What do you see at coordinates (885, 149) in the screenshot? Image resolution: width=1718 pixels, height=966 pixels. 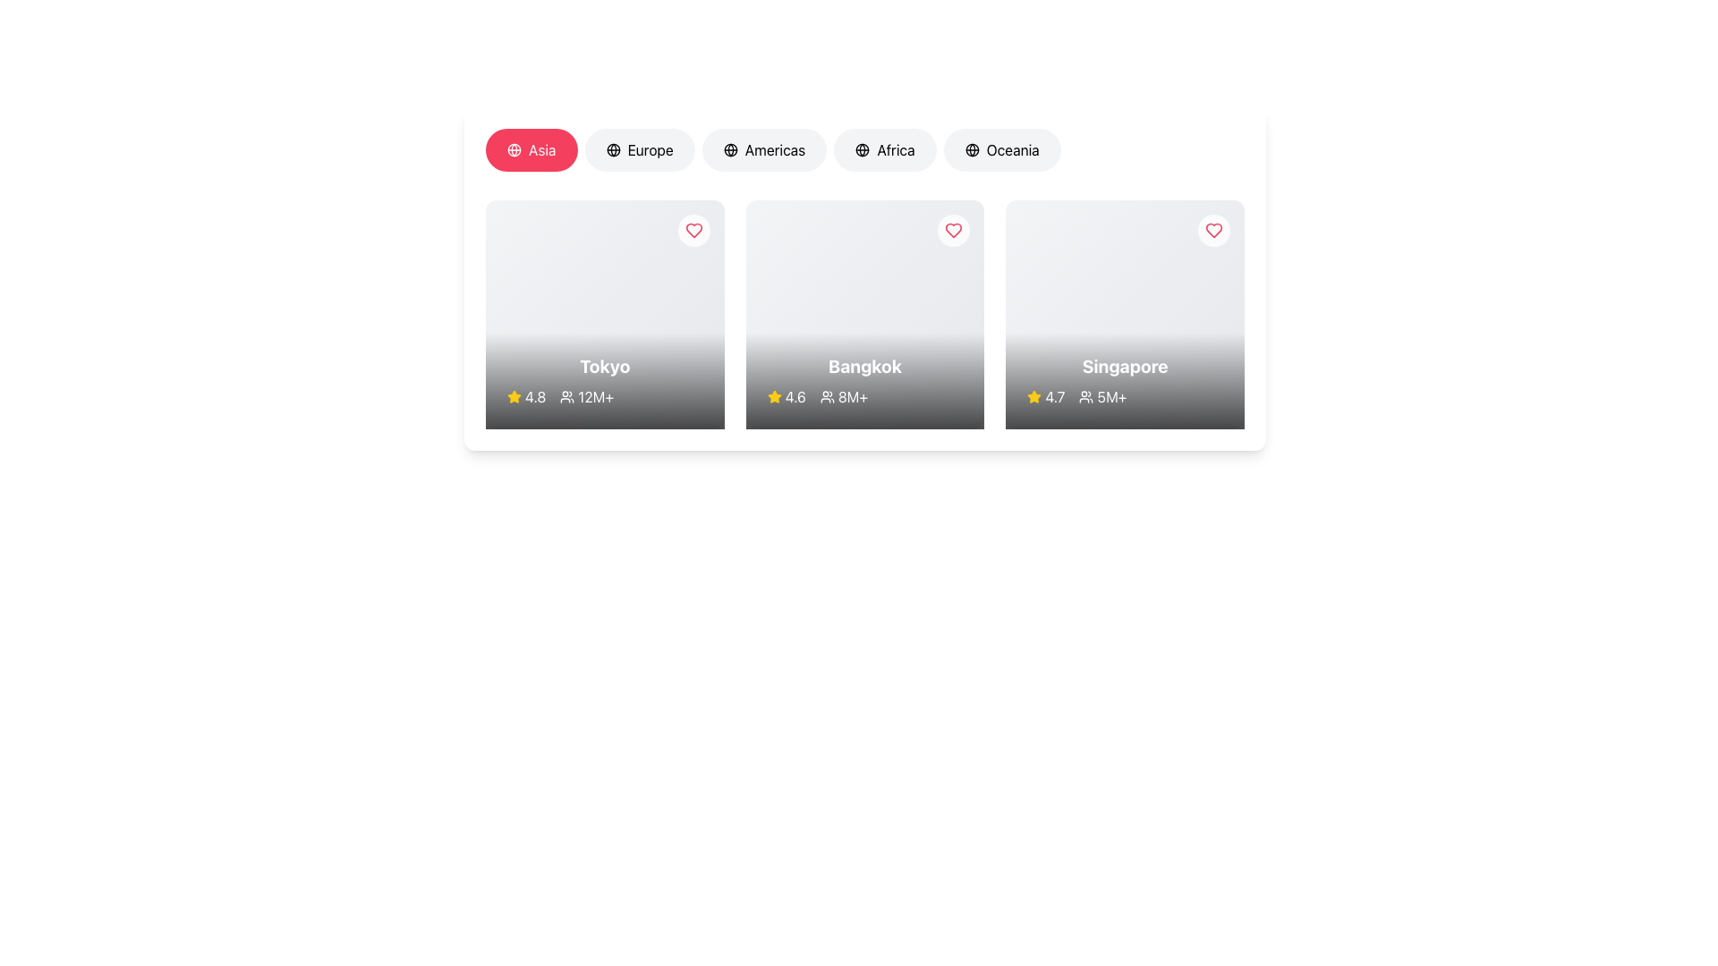 I see `the button that filters content by selecting the 'Africa' category, which is located fourth from the left in a horizontal list of continent buttons, between 'Americas' and 'Oceania'` at bounding box center [885, 149].